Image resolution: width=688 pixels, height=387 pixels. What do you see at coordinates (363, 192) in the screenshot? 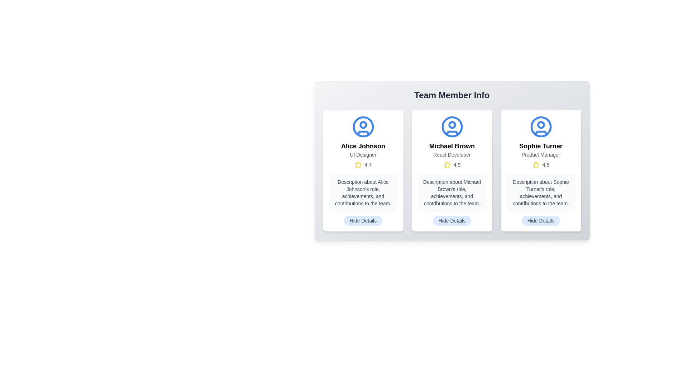
I see `the static text block that displays information about Alice Johnson, located in the first profile card below her name and designation, and above the 'Hide Details' button` at bounding box center [363, 192].